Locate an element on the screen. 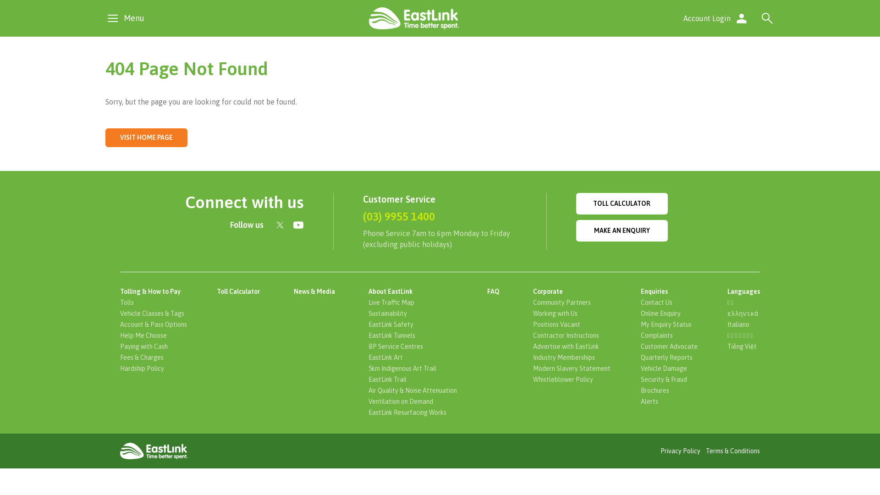 This screenshot has width=880, height=495. 'Corporate' is located at coordinates (553, 291).